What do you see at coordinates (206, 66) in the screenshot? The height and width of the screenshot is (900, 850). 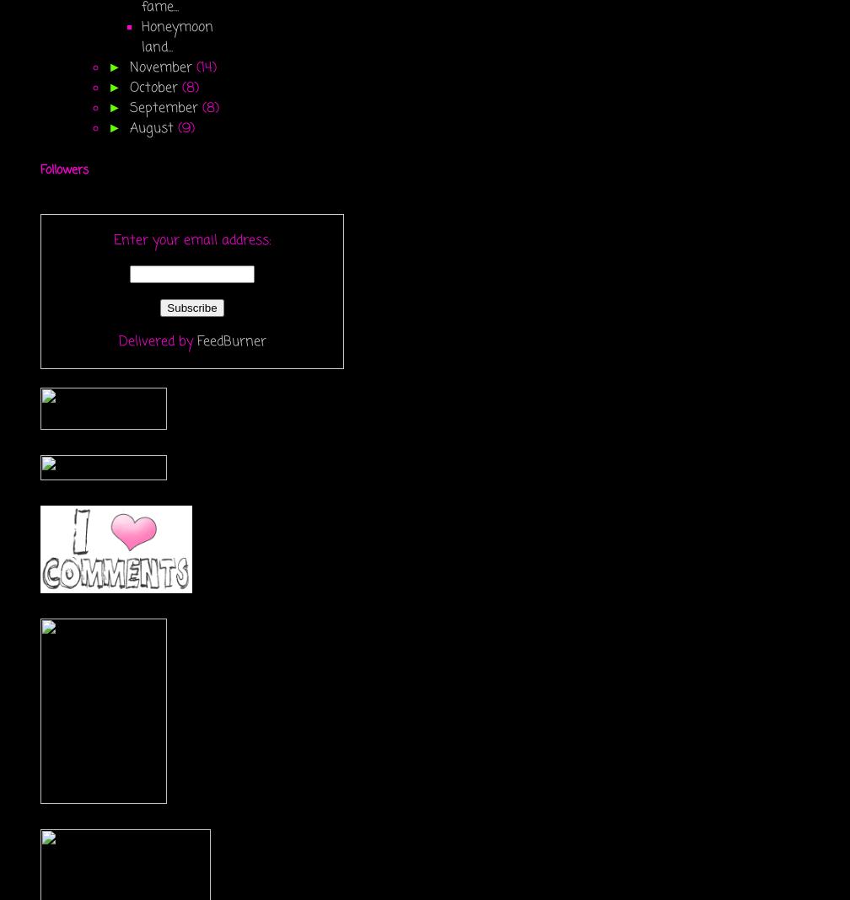 I see `'(14)'` at bounding box center [206, 66].